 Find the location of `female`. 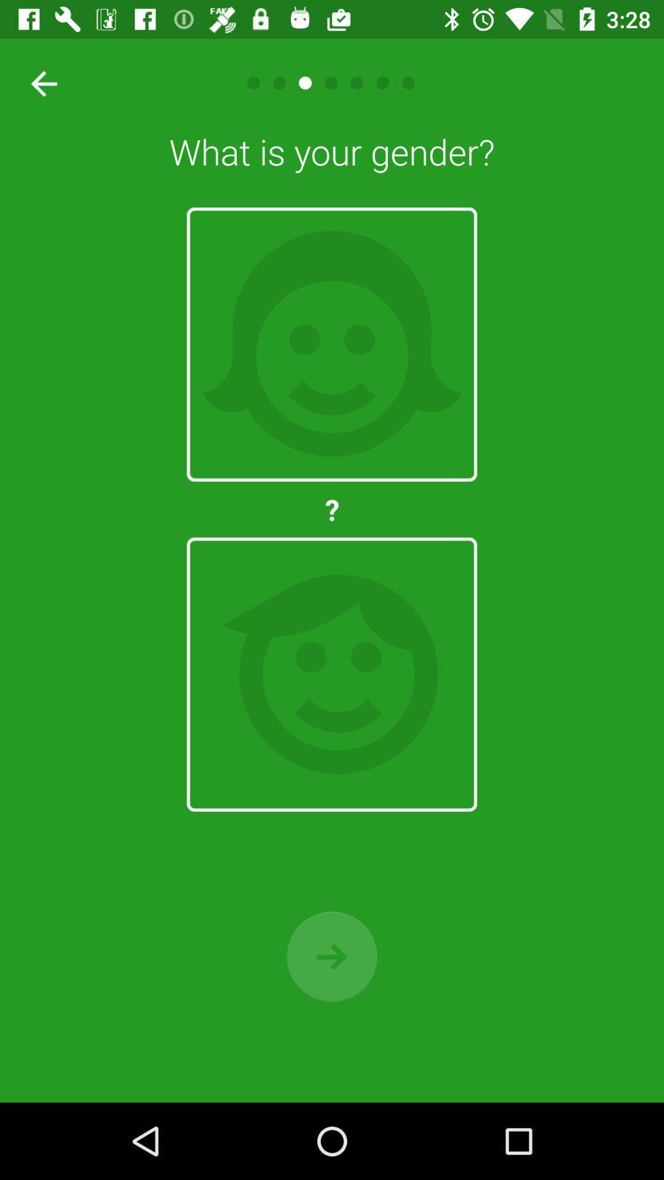

female is located at coordinates (332, 344).